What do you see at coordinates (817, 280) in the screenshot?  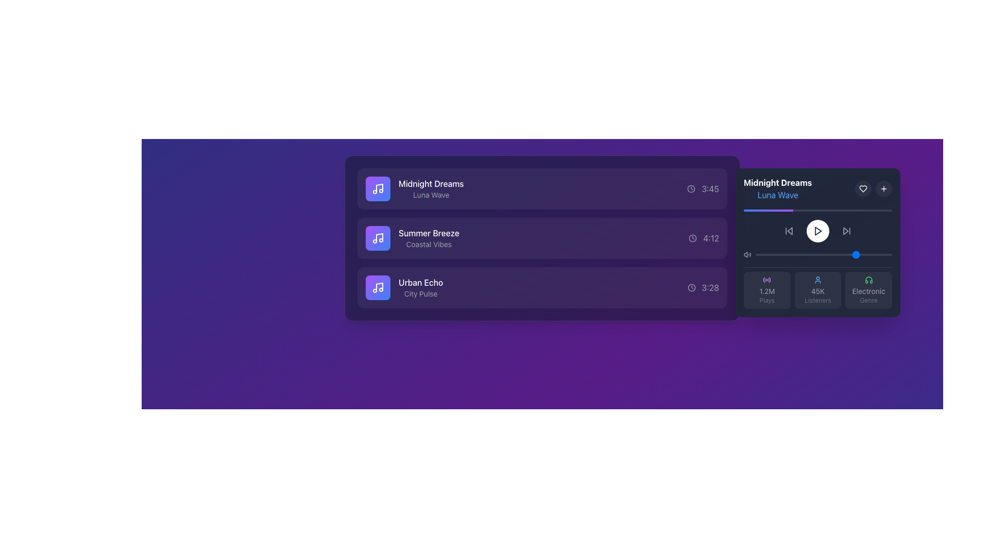 I see `the small user icon with a blue outline located above the text '45K Listeners' in the bottom right corner of the interface` at bounding box center [817, 280].